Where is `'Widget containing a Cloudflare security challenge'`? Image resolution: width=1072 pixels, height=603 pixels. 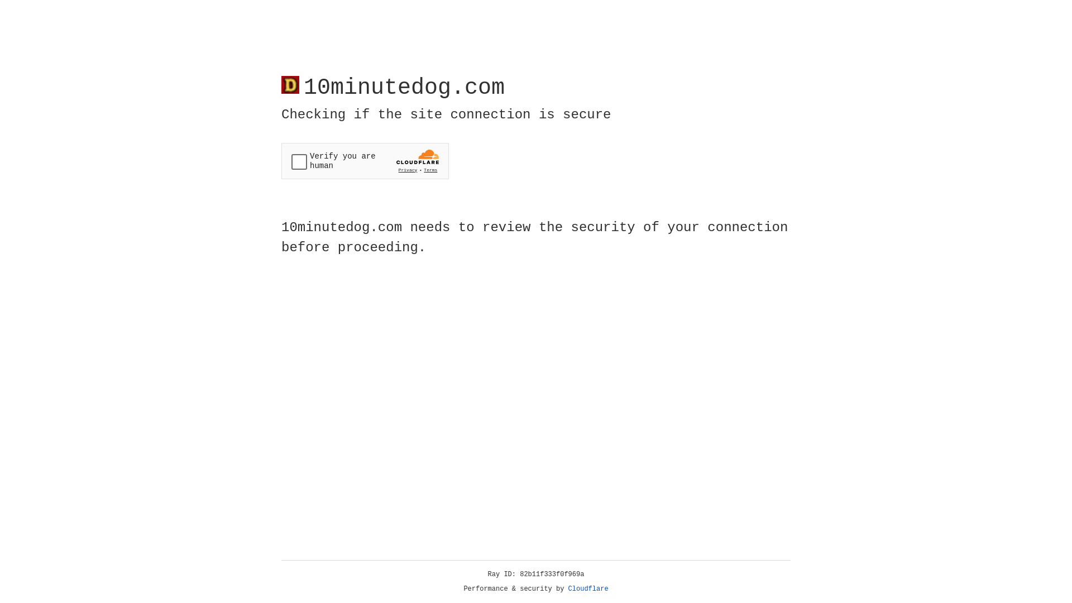 'Widget containing a Cloudflare security challenge' is located at coordinates (365, 161).